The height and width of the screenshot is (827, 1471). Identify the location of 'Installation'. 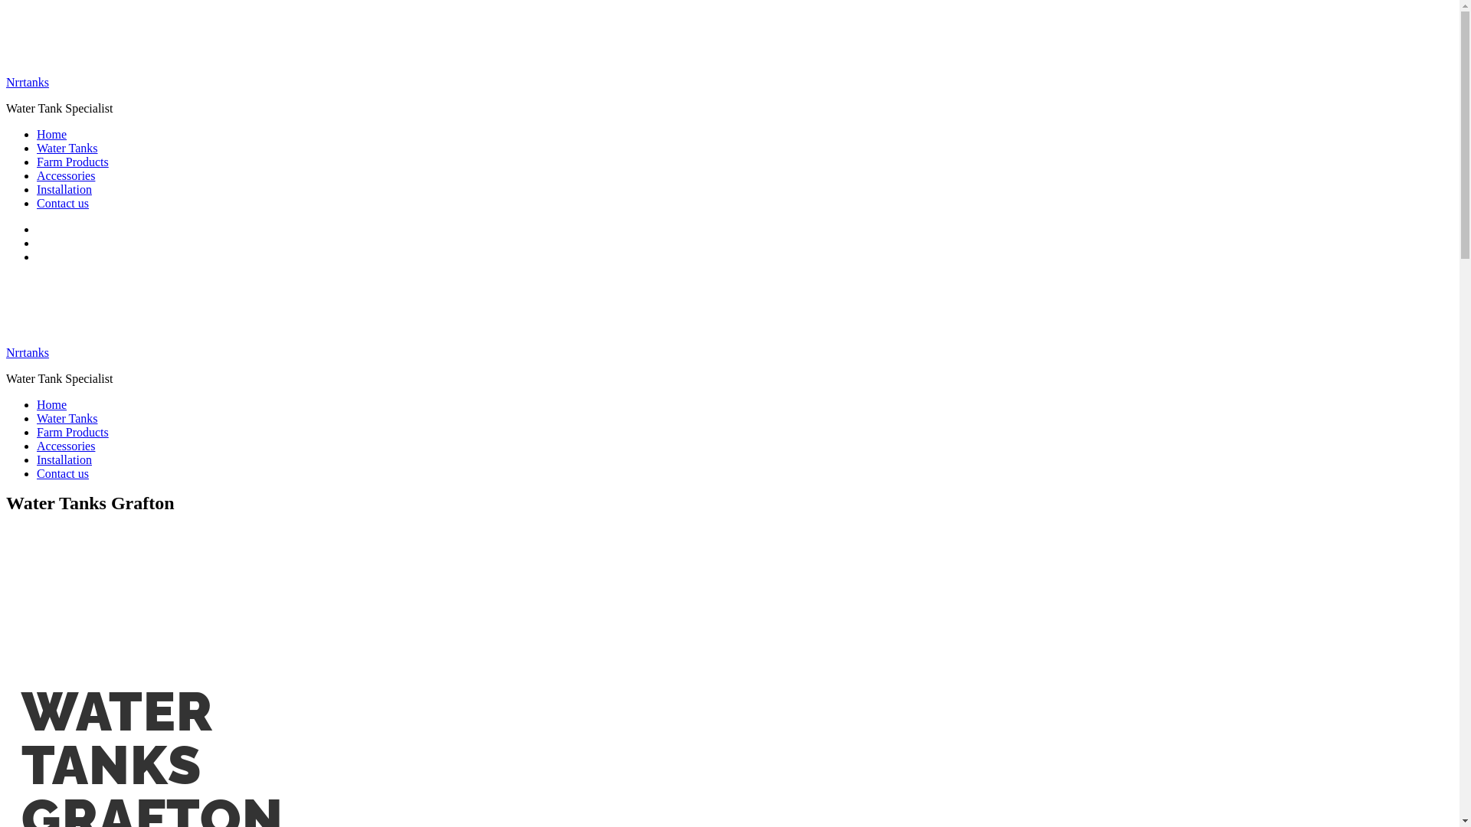
(63, 188).